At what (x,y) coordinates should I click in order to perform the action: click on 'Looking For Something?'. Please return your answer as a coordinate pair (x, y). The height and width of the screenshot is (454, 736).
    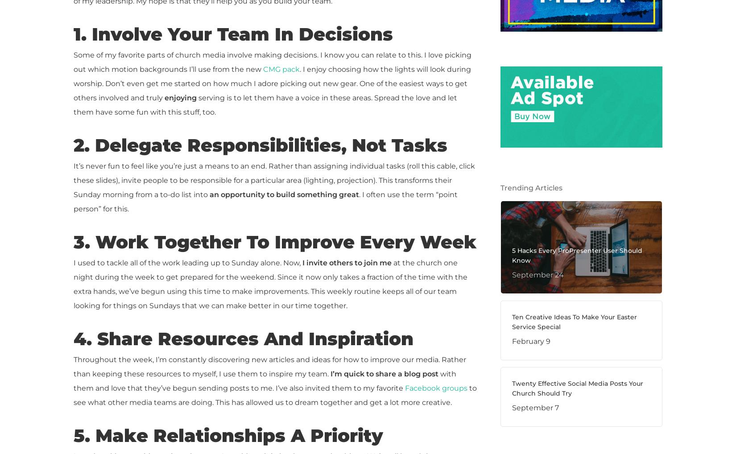
    Looking at the image, I should click on (518, 237).